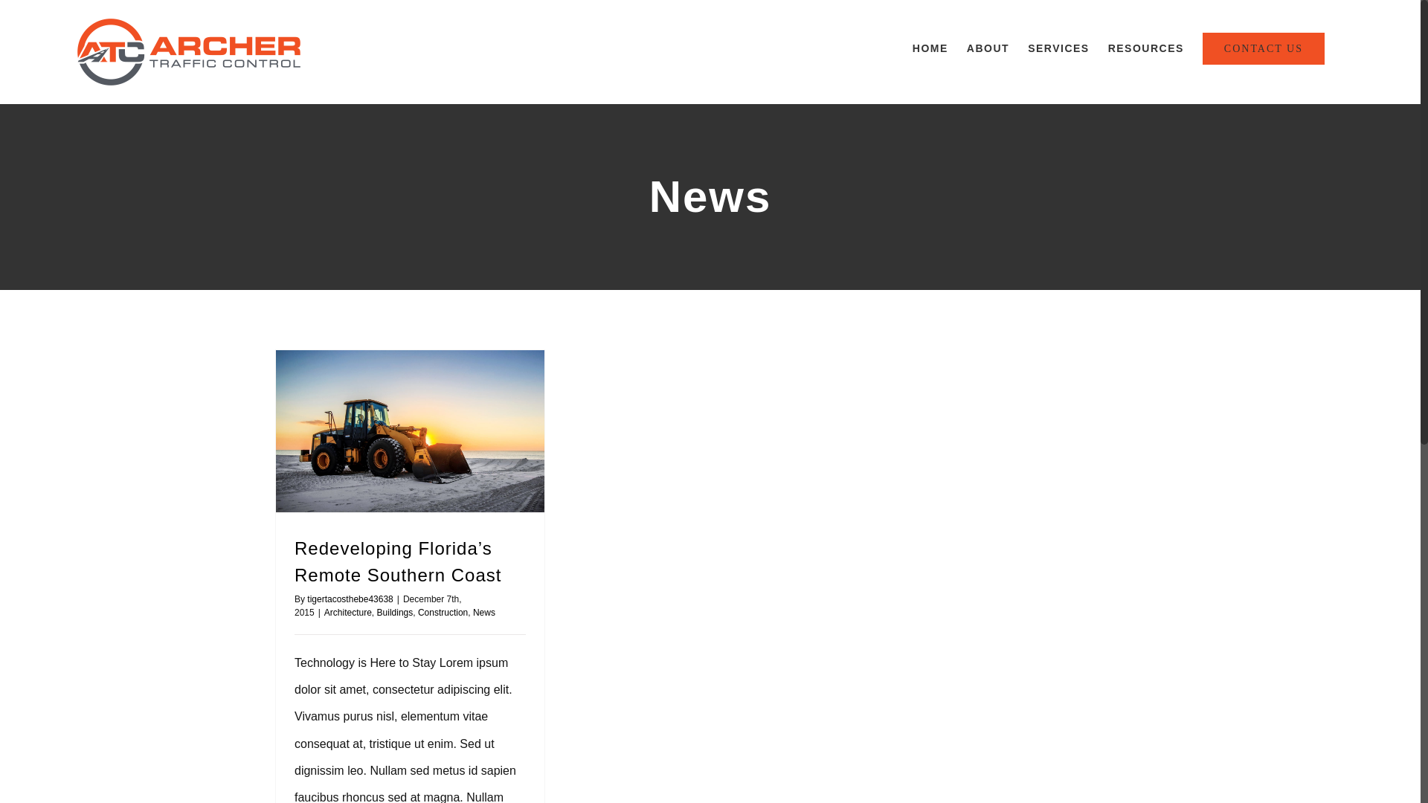  I want to click on 'Buildings', so click(395, 613).